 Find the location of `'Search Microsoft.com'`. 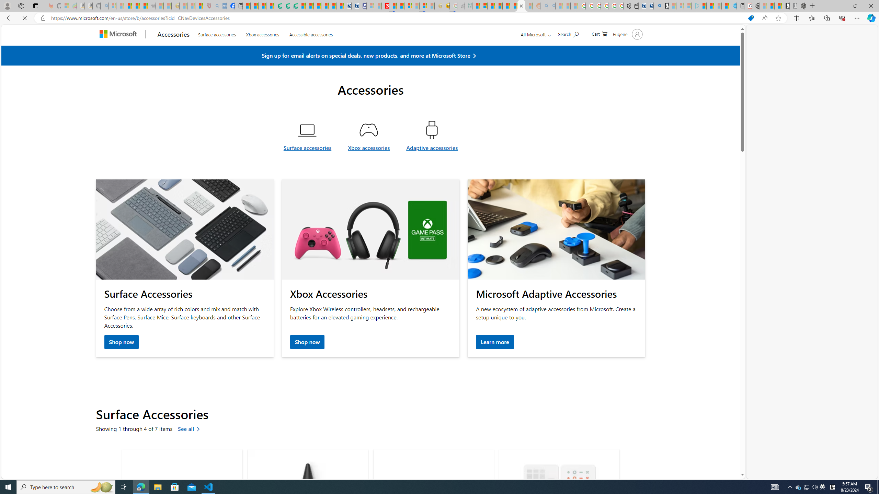

'Search Microsoft.com' is located at coordinates (568, 50).